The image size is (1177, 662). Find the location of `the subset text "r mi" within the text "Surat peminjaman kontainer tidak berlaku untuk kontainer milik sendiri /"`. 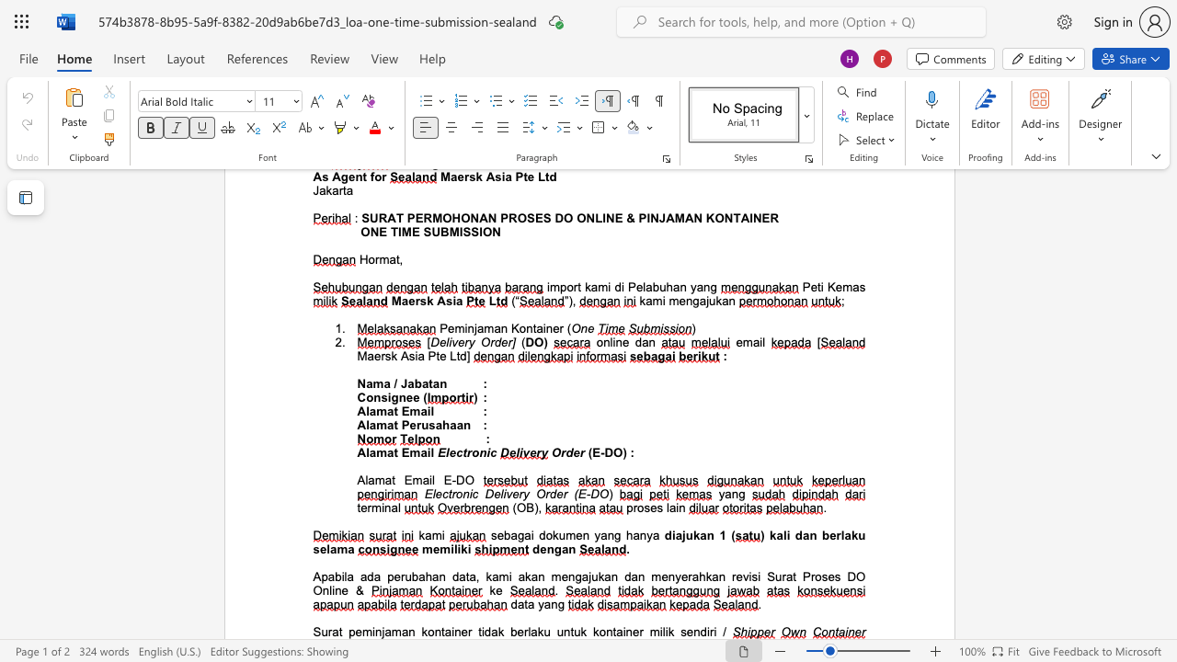

the subset text "r mi" within the text "Surat peminjaman kontainer tidak berlaku untuk kontainer milik sendiri /" is located at coordinates (639, 631).